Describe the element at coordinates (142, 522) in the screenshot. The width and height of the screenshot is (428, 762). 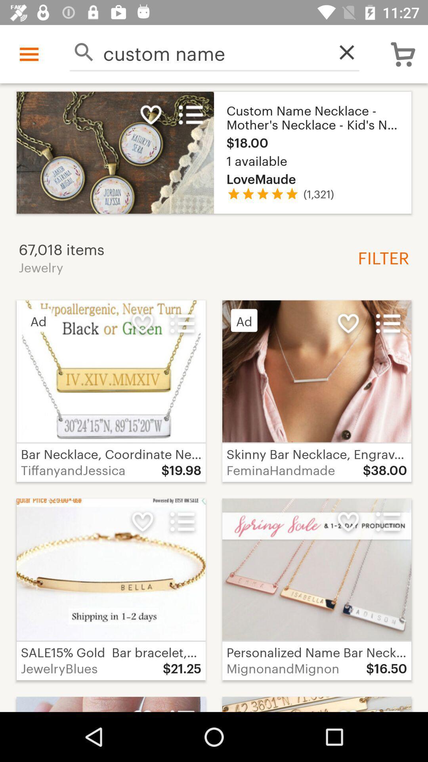
I see `the heart icon from third row first box` at that location.